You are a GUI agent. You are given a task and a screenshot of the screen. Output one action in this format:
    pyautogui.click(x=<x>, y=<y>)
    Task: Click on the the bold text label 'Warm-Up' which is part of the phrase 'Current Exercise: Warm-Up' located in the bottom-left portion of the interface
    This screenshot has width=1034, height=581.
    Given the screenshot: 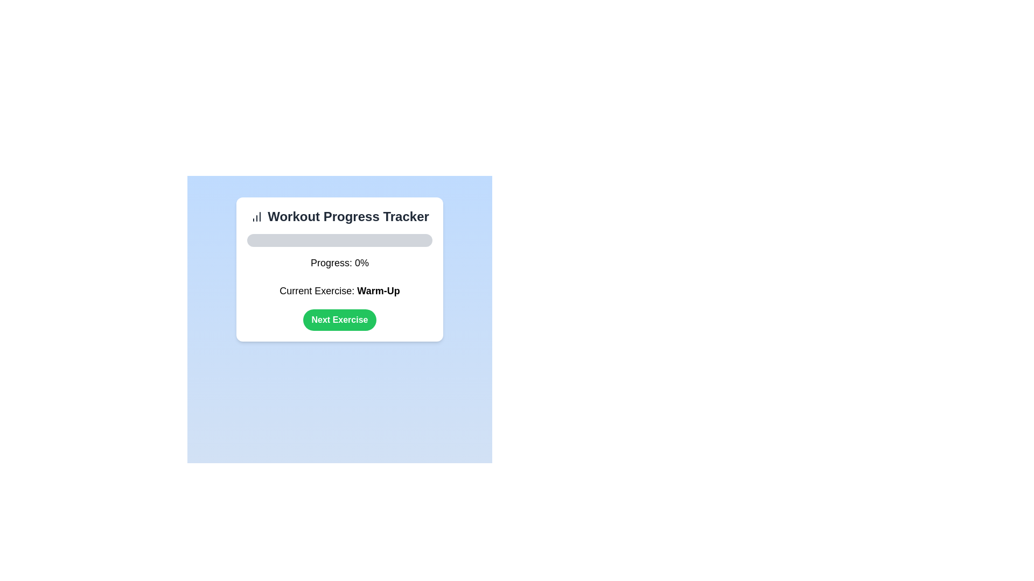 What is the action you would take?
    pyautogui.click(x=379, y=290)
    